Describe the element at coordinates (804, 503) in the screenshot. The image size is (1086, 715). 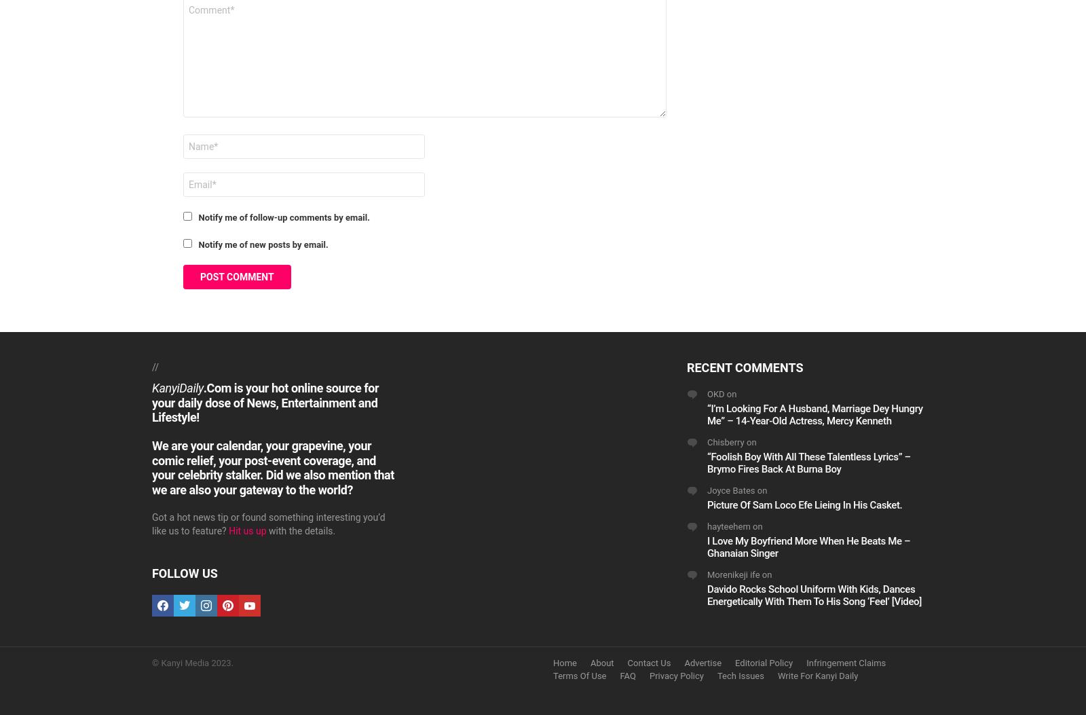
I see `'Picture Of Sam Loco Efe Lieing In His Casket.'` at that location.